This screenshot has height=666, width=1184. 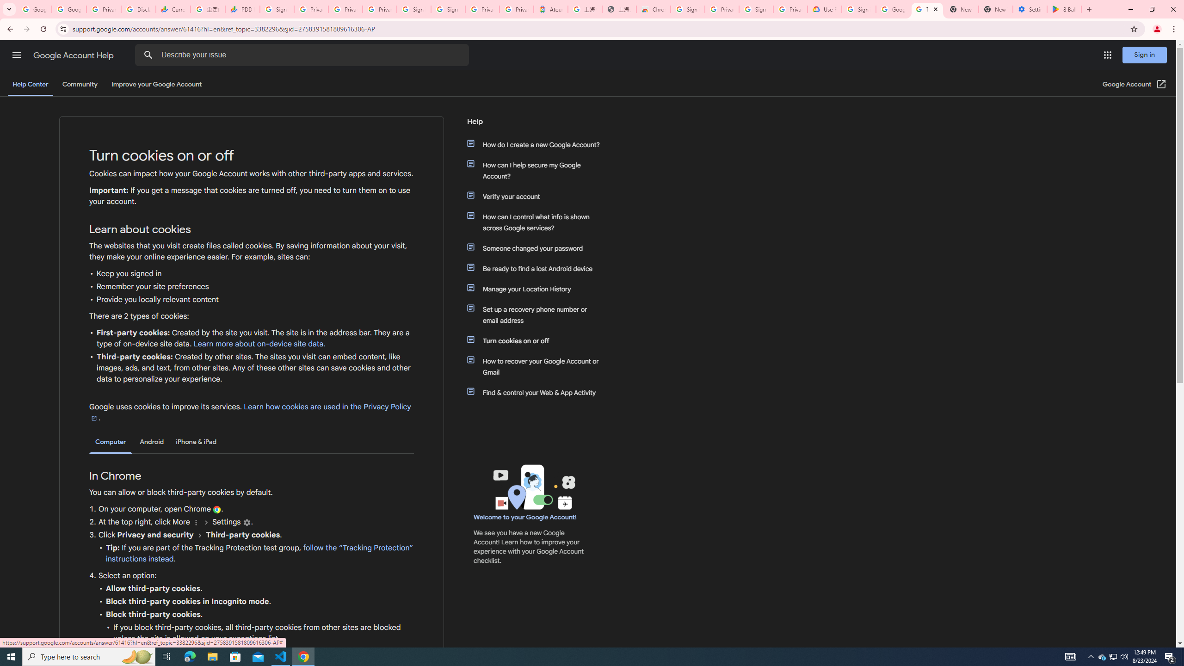 I want to click on '8 Ball Pool - Apps on Google Play', so click(x=1064, y=9).